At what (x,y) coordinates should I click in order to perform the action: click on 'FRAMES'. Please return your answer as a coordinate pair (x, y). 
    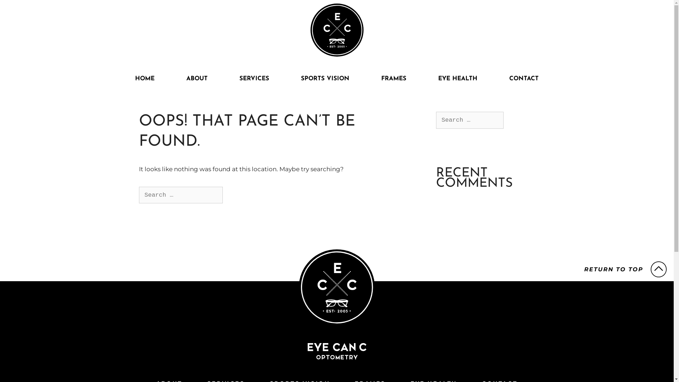
    Looking at the image, I should click on (365, 79).